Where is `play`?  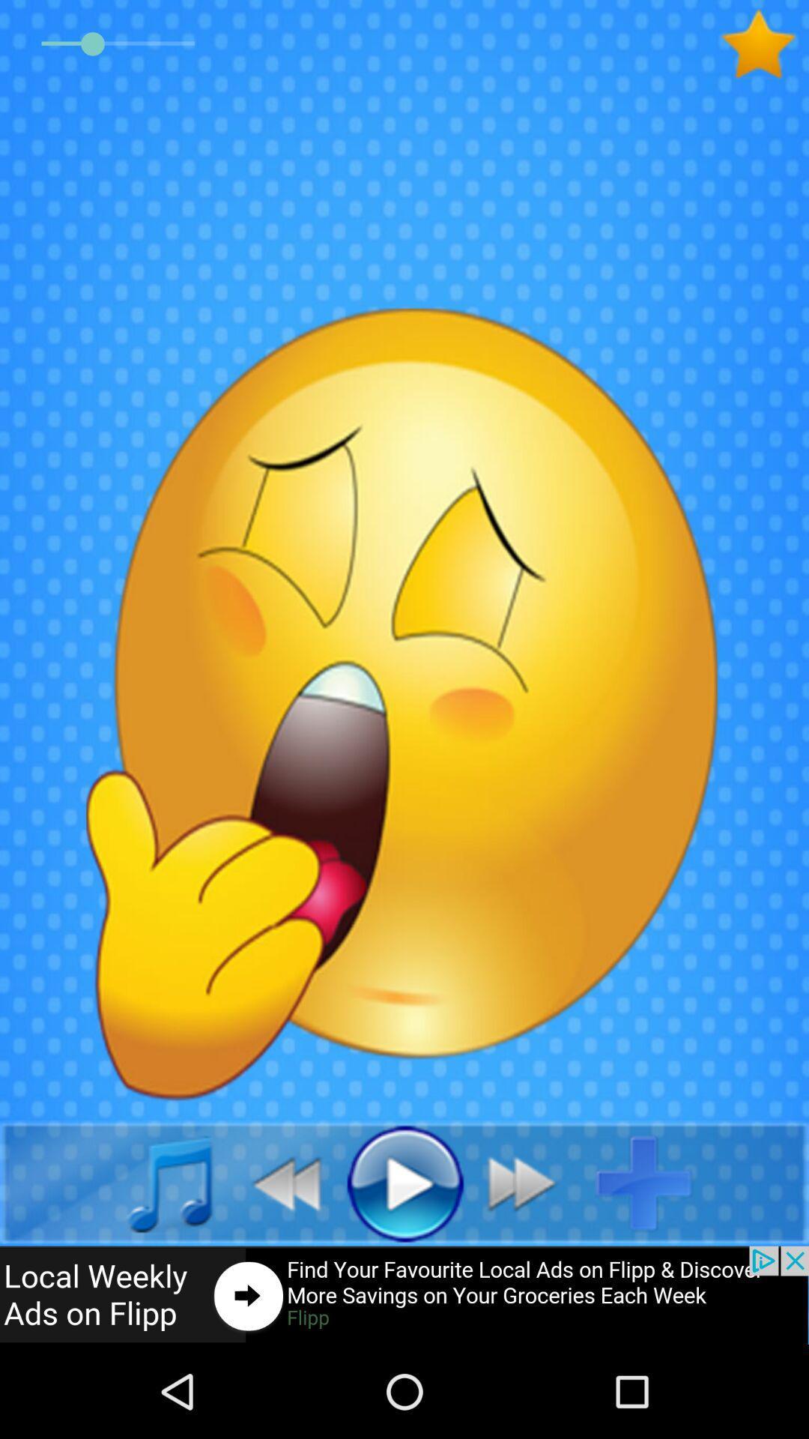 play is located at coordinates (404, 1182).